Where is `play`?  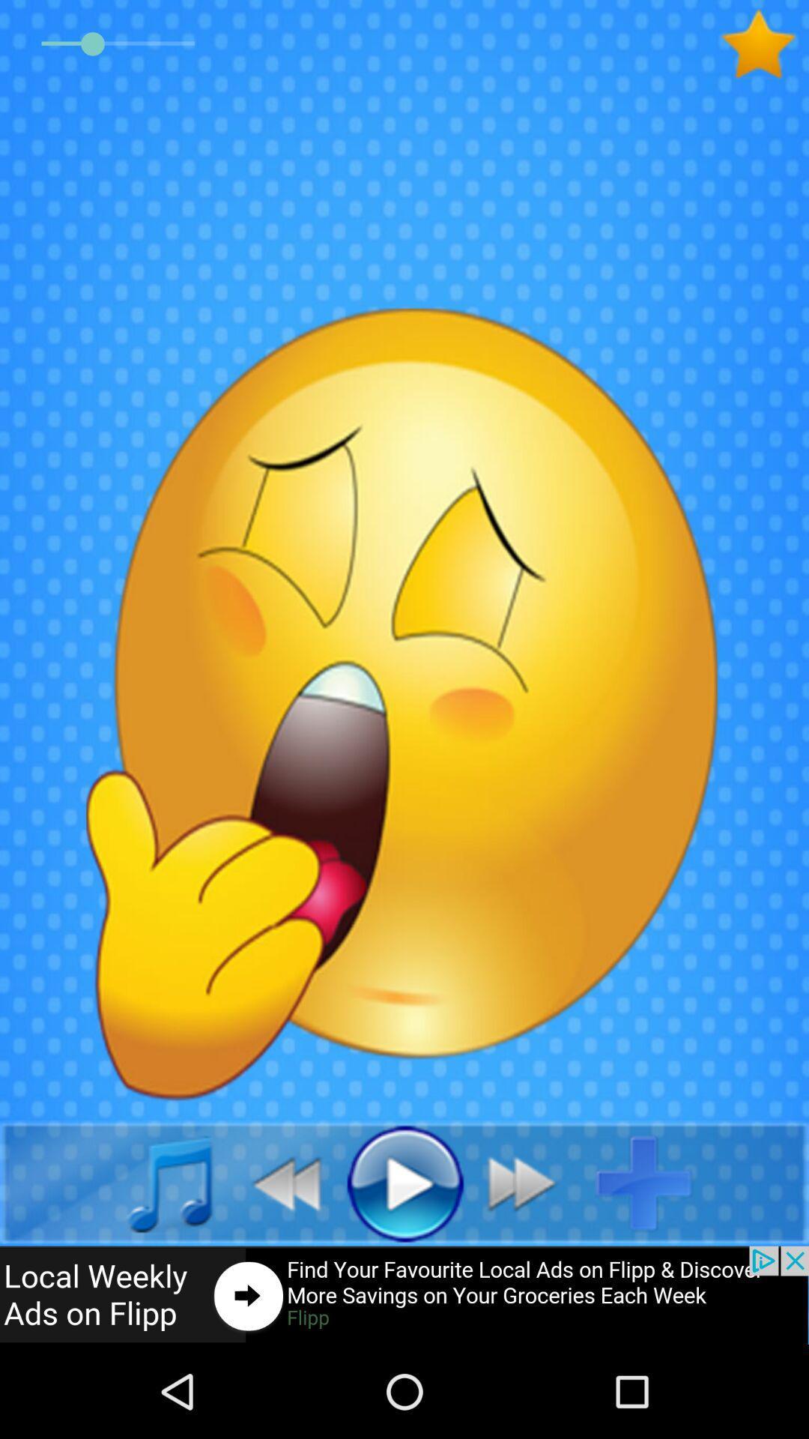 play is located at coordinates (404, 1182).